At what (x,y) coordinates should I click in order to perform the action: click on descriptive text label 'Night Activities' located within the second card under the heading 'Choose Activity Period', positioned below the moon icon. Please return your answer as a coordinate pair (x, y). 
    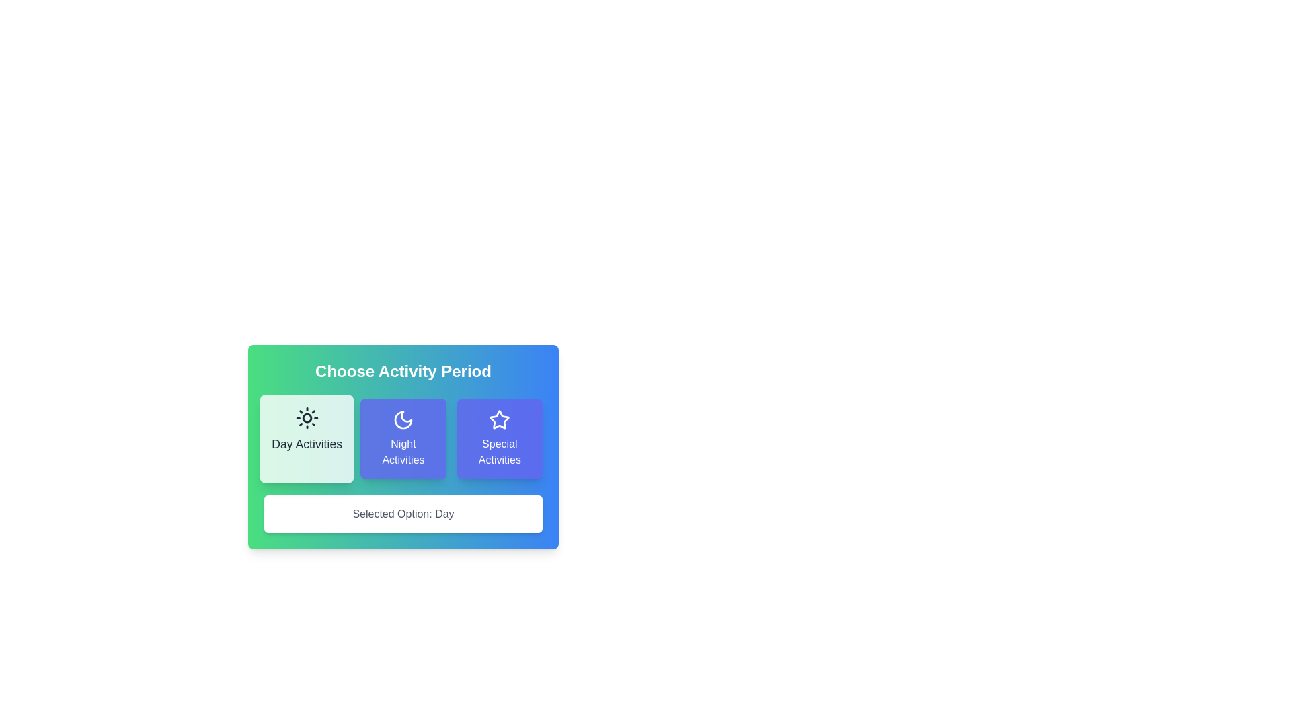
    Looking at the image, I should click on (403, 452).